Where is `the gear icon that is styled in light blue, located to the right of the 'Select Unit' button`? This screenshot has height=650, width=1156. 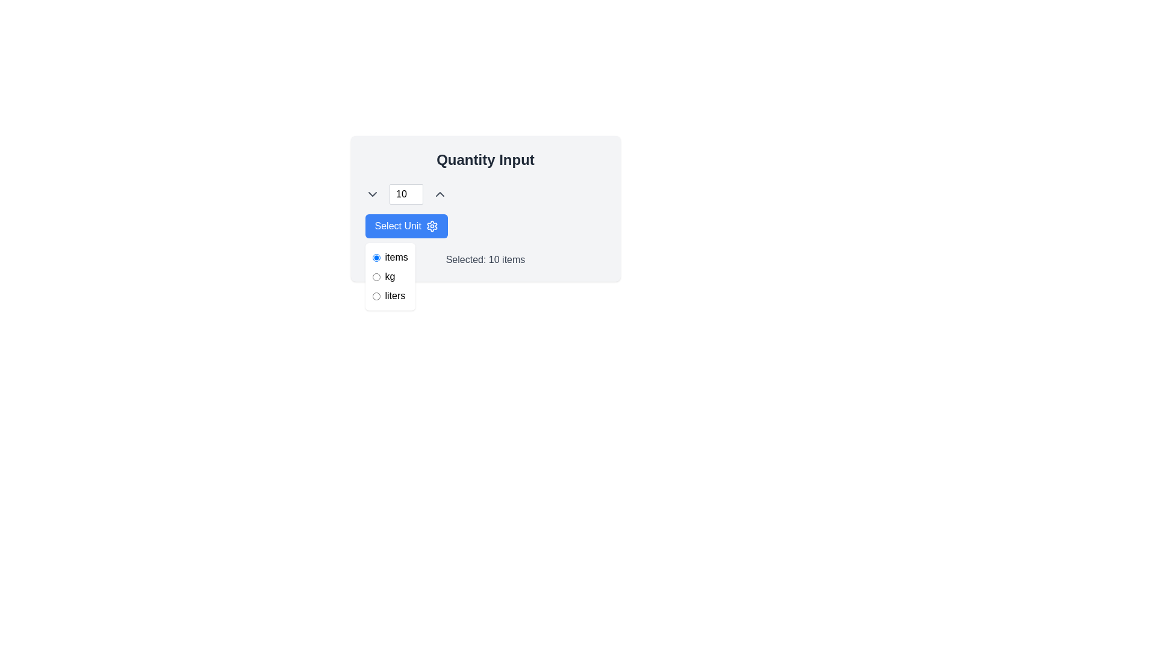 the gear icon that is styled in light blue, located to the right of the 'Select Unit' button is located at coordinates (432, 226).